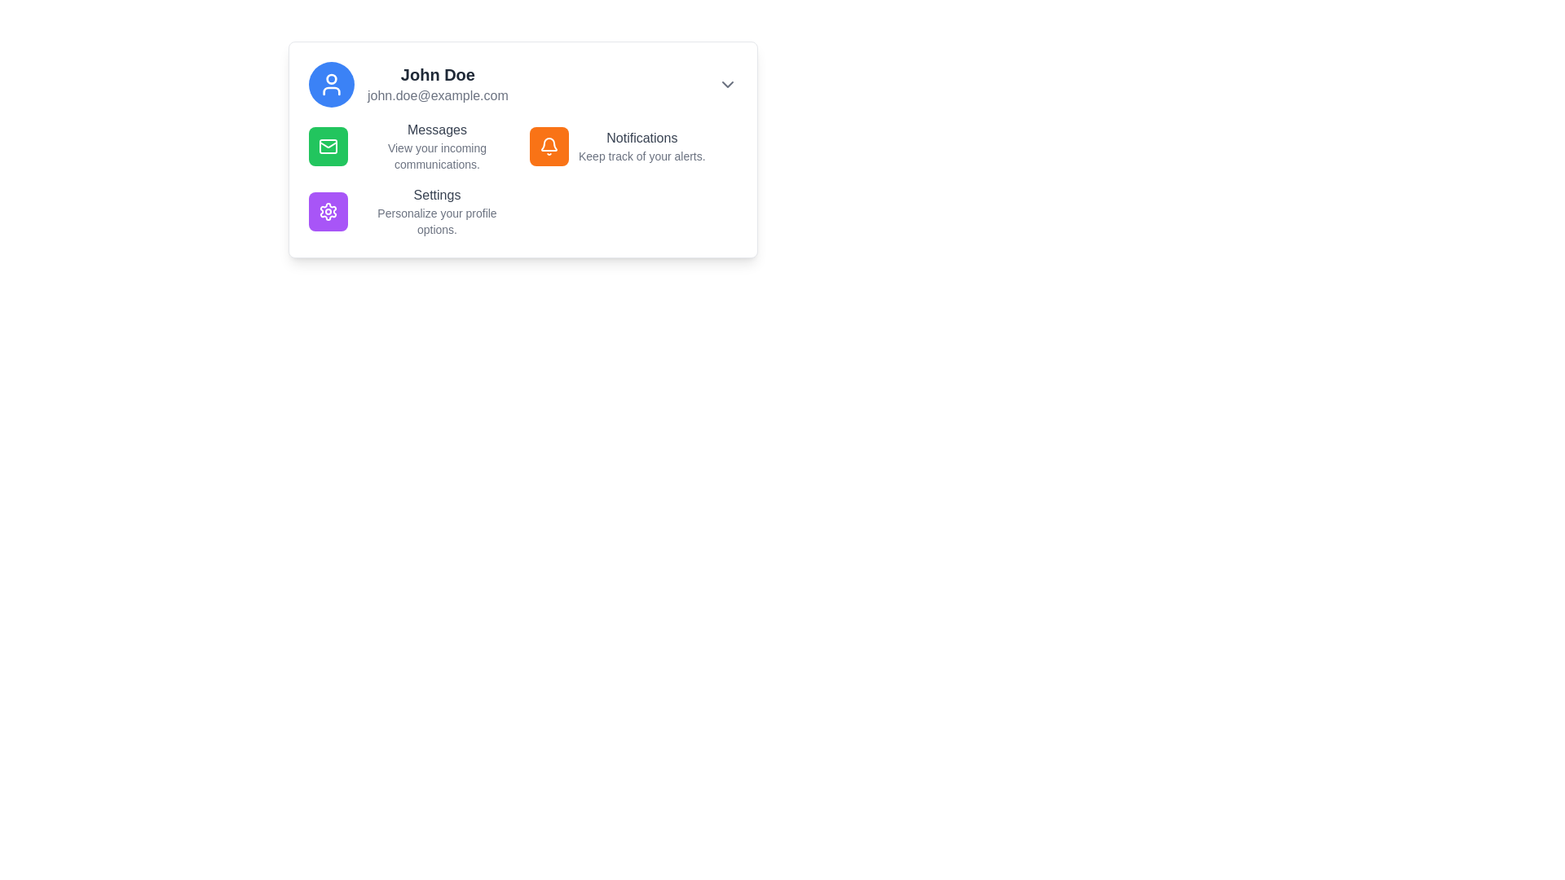 The width and height of the screenshot is (1565, 880). Describe the element at coordinates (633, 147) in the screenshot. I see `the 'Notifications' button, which features an orange icon with a white bell symbol and is positioned in the top-right quarter of the grid layout` at that location.